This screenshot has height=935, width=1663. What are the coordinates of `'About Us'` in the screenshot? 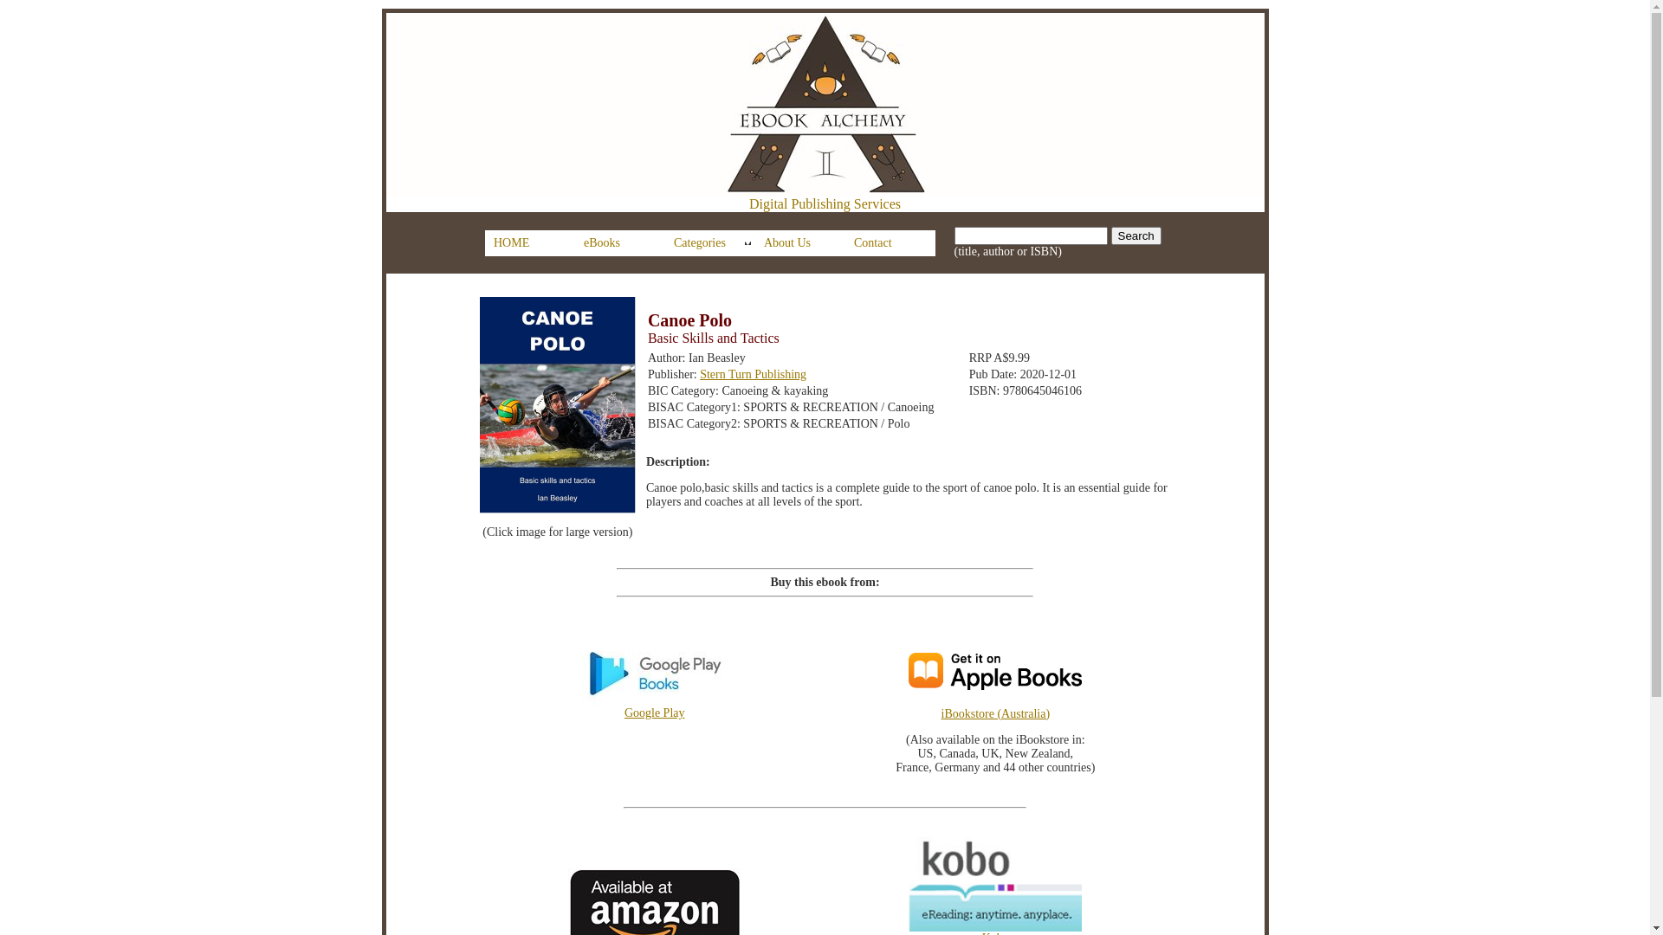 It's located at (799, 243).